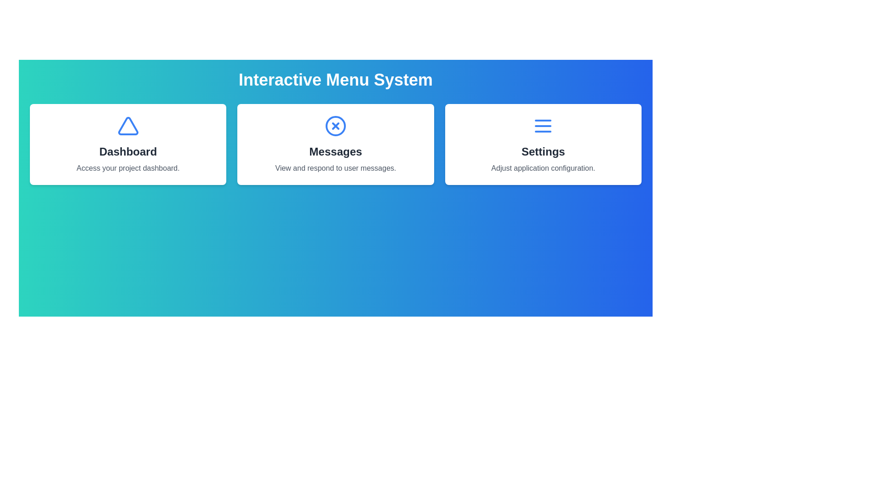 The image size is (883, 497). Describe the element at coordinates (127, 144) in the screenshot. I see `the Interactive Card located in the leftmost section of a three-column grid, adjacent to 'Messages' and 'Settings', to observe hover effects` at that location.